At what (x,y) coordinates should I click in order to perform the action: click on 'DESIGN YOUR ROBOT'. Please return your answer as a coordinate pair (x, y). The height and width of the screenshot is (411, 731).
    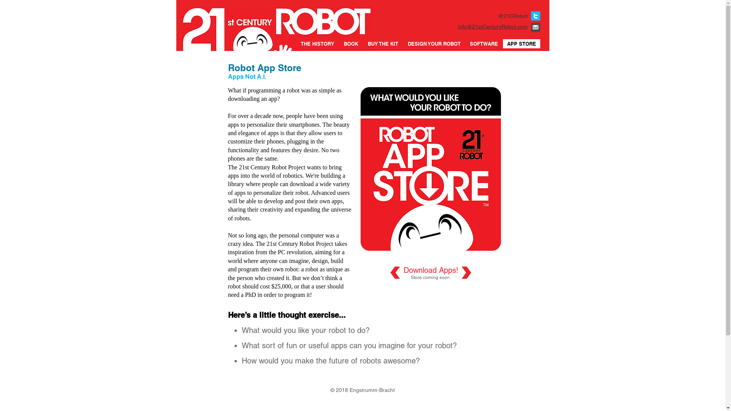
    Looking at the image, I should click on (403, 44).